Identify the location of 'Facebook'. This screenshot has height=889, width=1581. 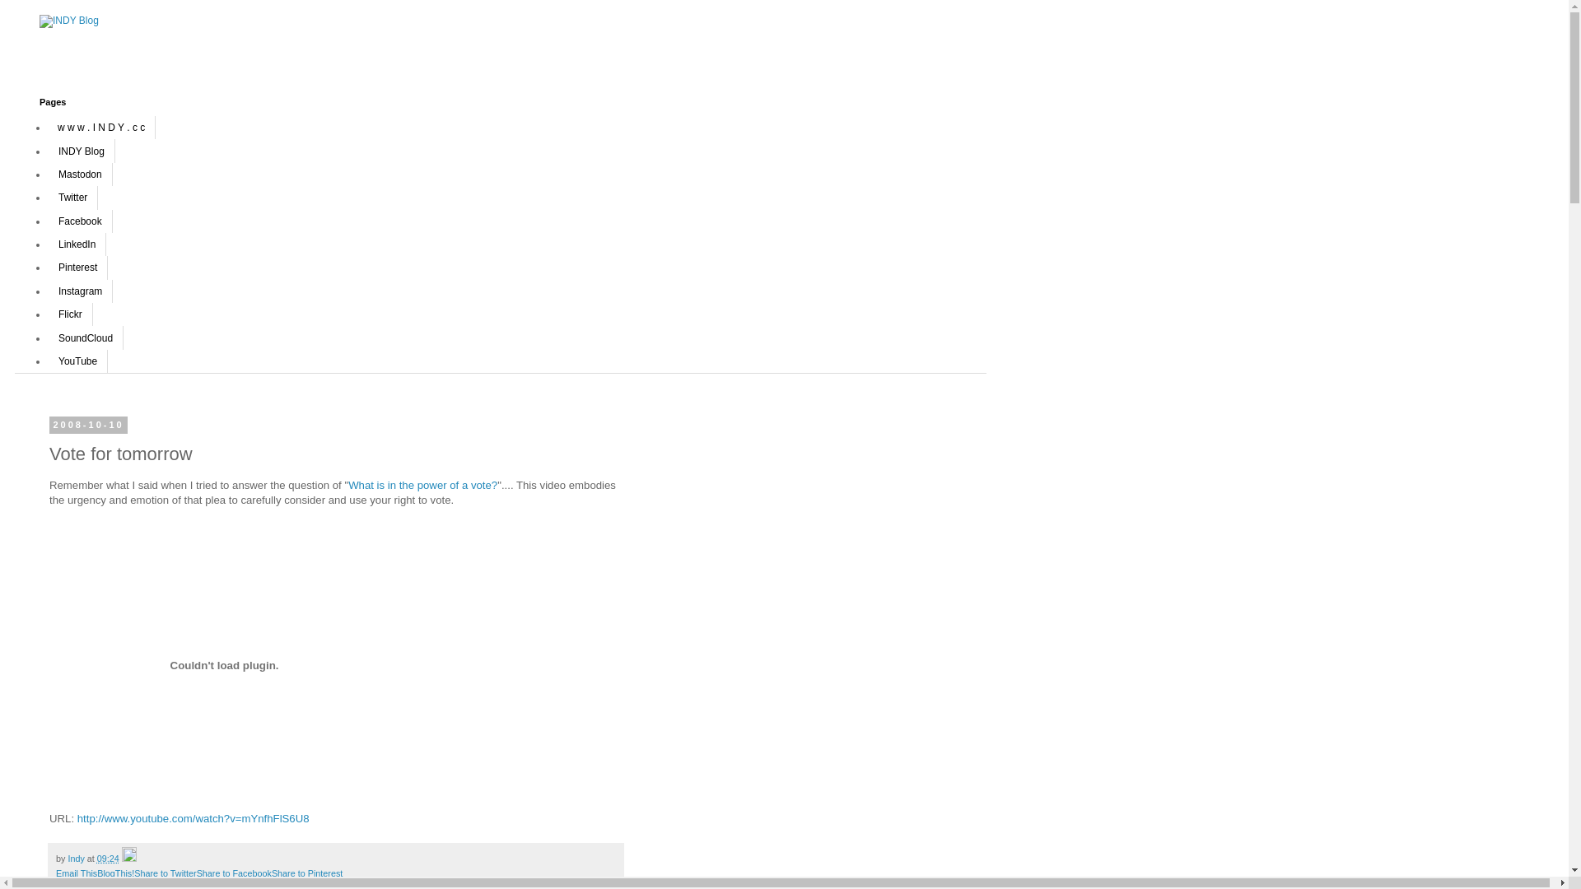
(79, 219).